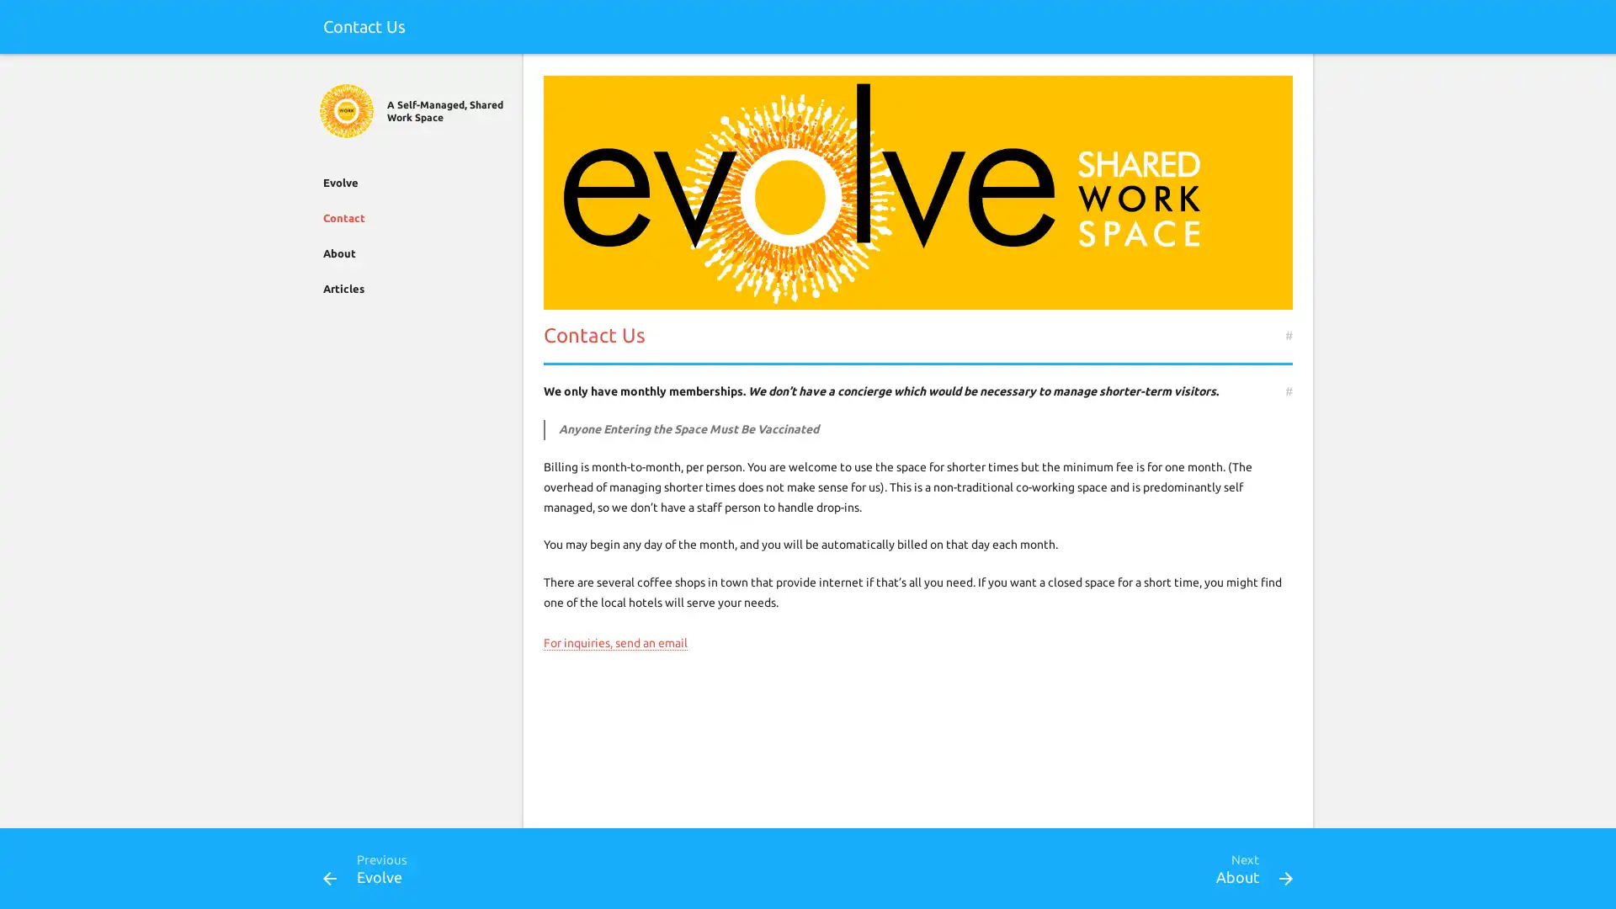  I want to click on Next, so click(1284, 878).